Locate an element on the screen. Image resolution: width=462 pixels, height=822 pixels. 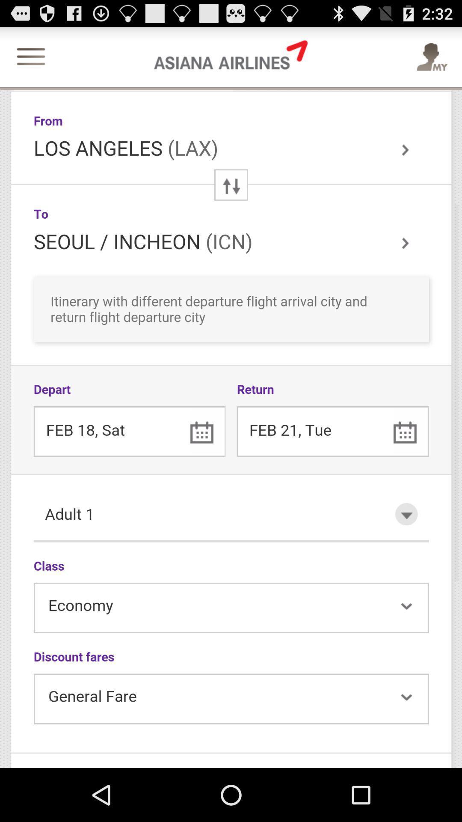
the menu icon is located at coordinates (30, 62).